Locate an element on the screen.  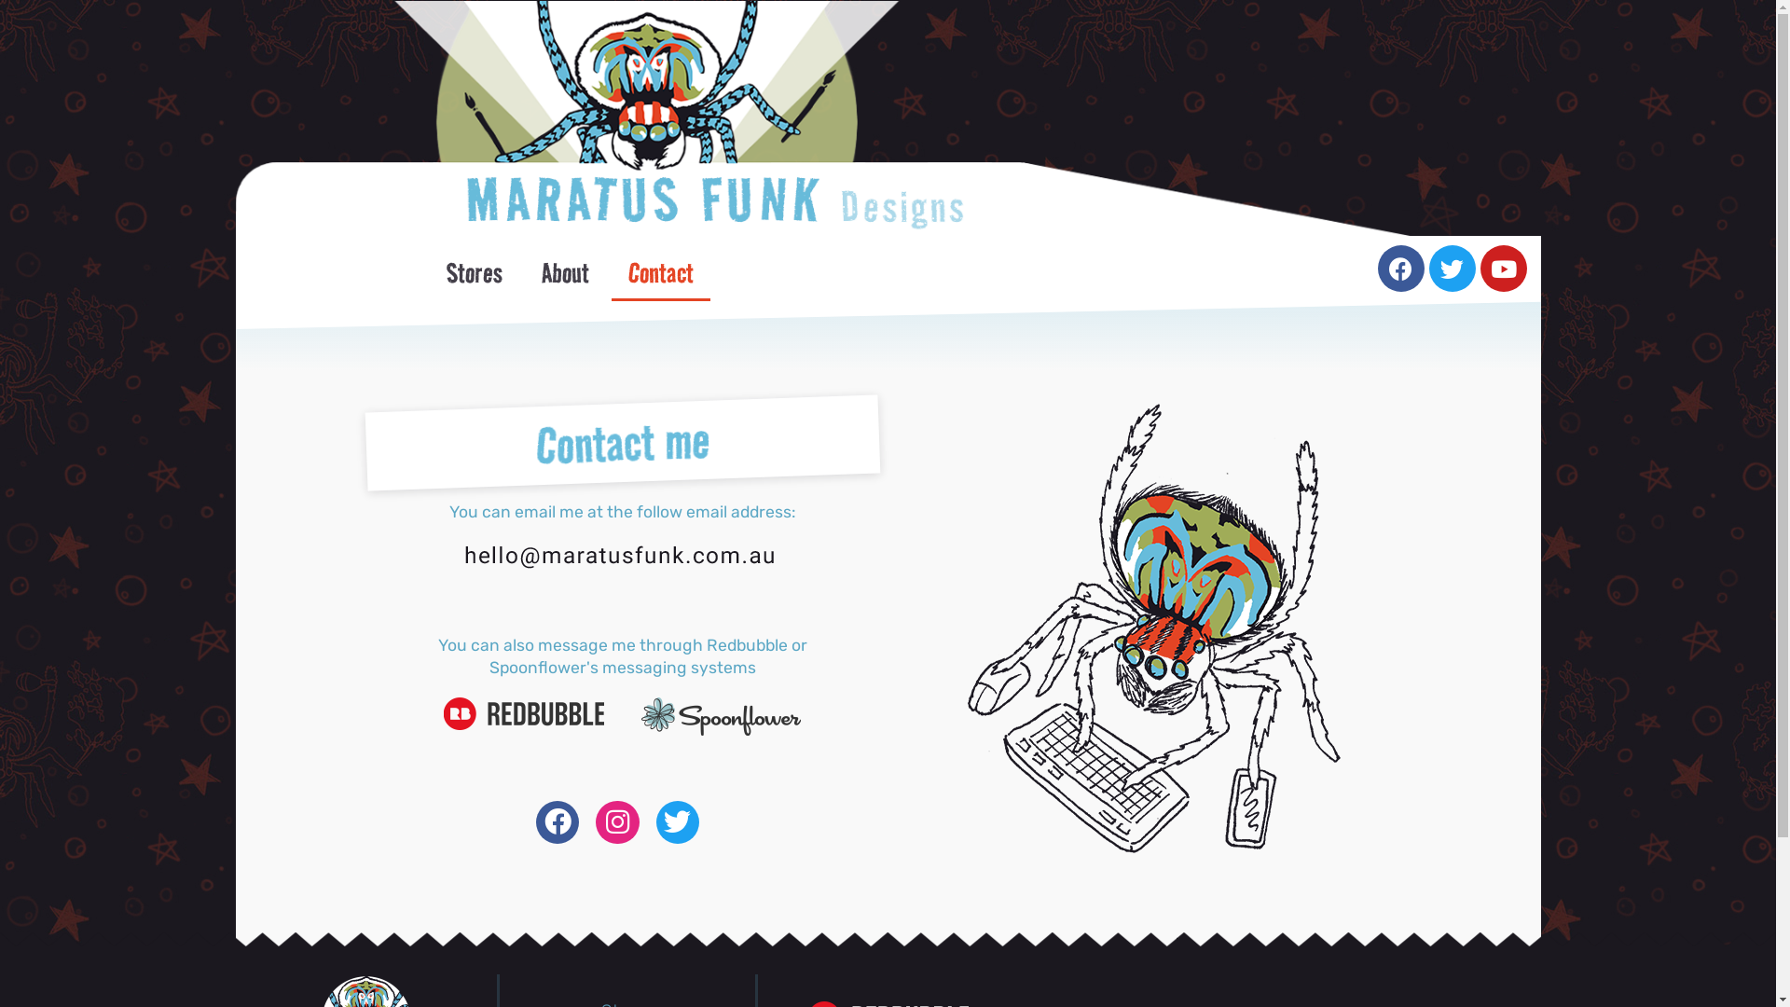
'Contact' is located at coordinates (661, 272).